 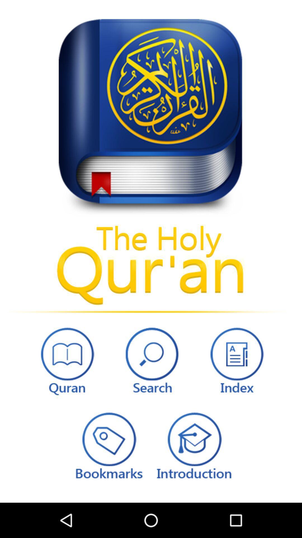 I want to click on icon at the bottom right corner, so click(x=236, y=360).